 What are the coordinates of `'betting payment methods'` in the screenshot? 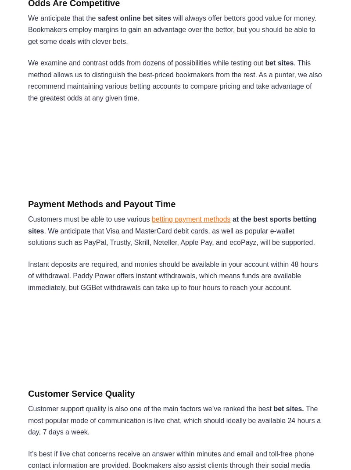 It's located at (190, 219).